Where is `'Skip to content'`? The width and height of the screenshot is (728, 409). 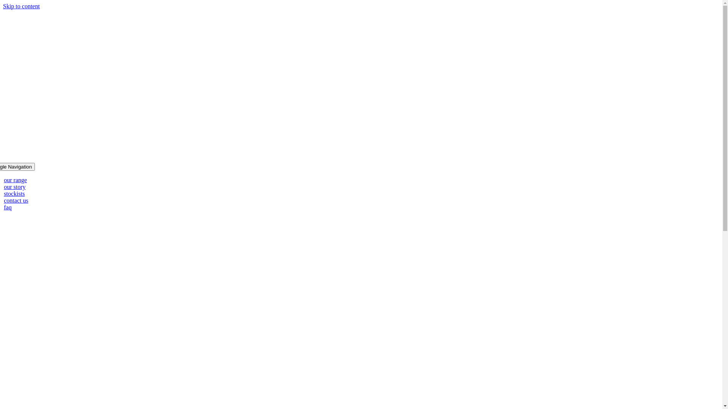
'Skip to content' is located at coordinates (21, 6).